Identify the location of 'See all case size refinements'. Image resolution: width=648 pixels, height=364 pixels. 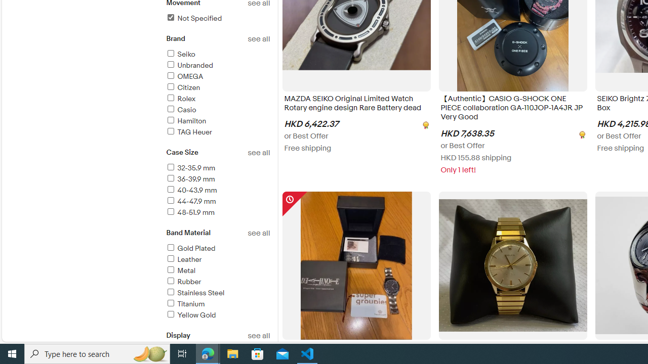
(259, 153).